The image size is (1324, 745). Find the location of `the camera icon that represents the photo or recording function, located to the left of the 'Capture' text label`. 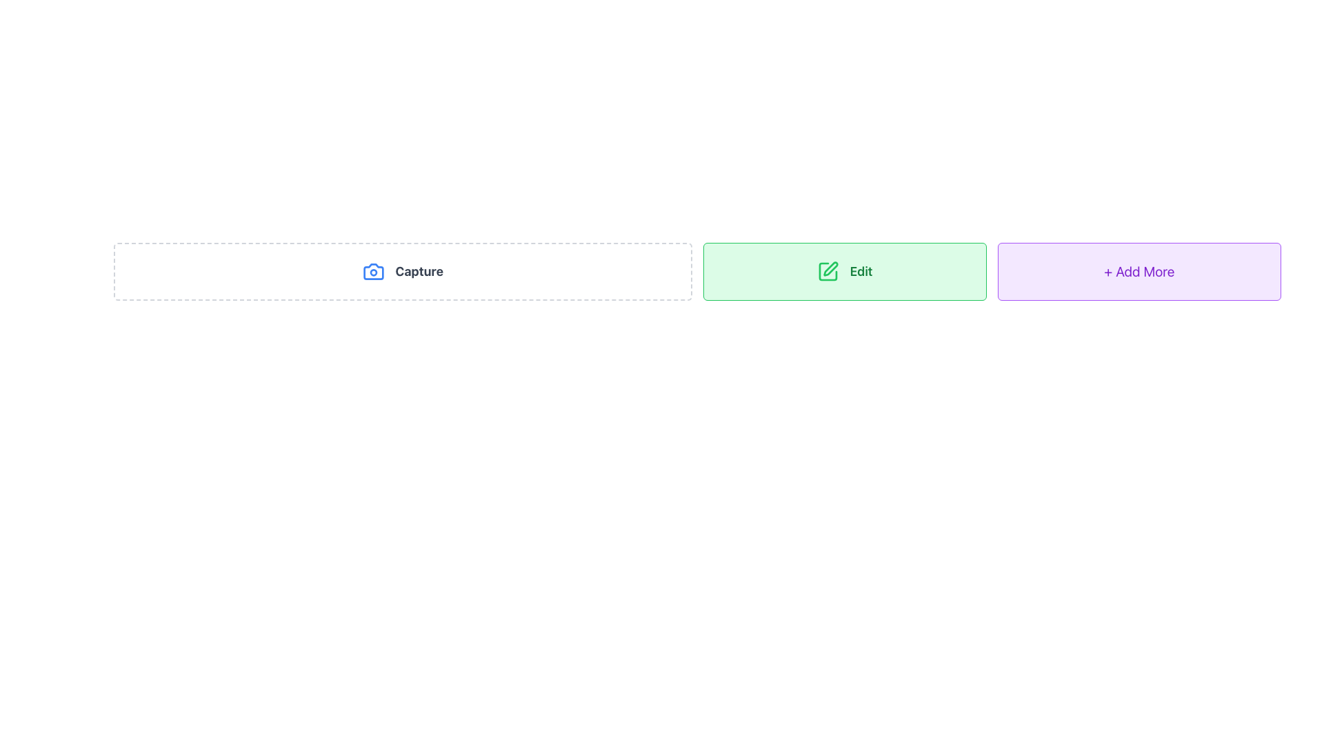

the camera icon that represents the photo or recording function, located to the left of the 'Capture' text label is located at coordinates (373, 271).